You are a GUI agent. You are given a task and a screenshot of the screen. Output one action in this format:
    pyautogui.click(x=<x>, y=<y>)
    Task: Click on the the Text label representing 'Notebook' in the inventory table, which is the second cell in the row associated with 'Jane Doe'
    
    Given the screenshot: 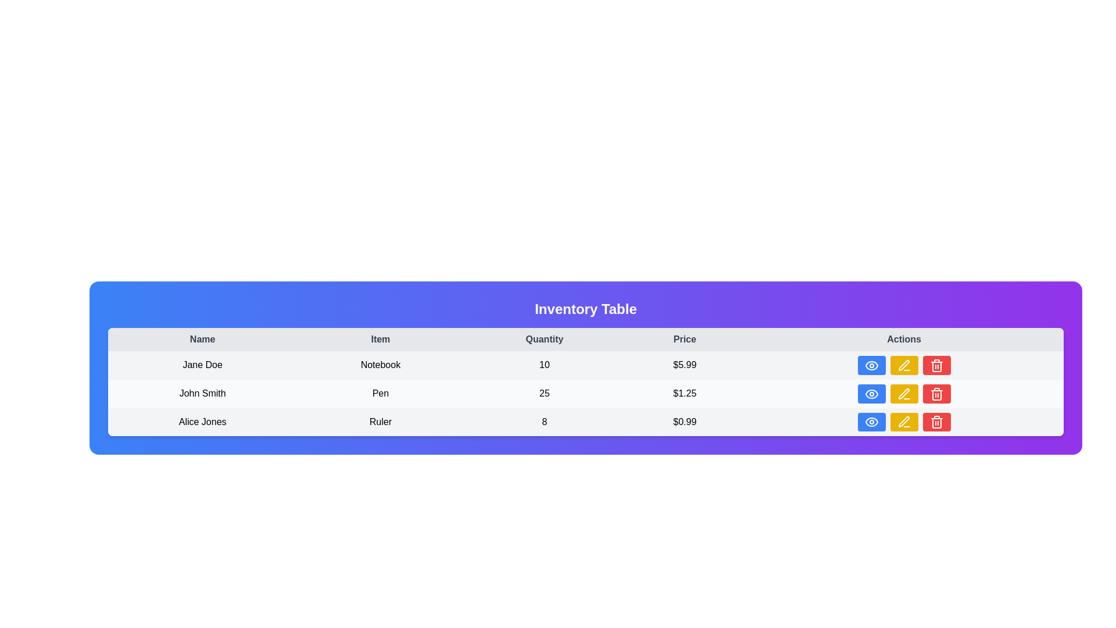 What is the action you would take?
    pyautogui.click(x=380, y=365)
    